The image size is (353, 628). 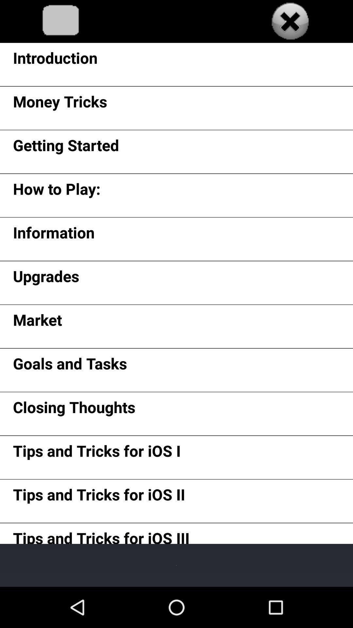 What do you see at coordinates (37, 322) in the screenshot?
I see `item above goals and tasks` at bounding box center [37, 322].